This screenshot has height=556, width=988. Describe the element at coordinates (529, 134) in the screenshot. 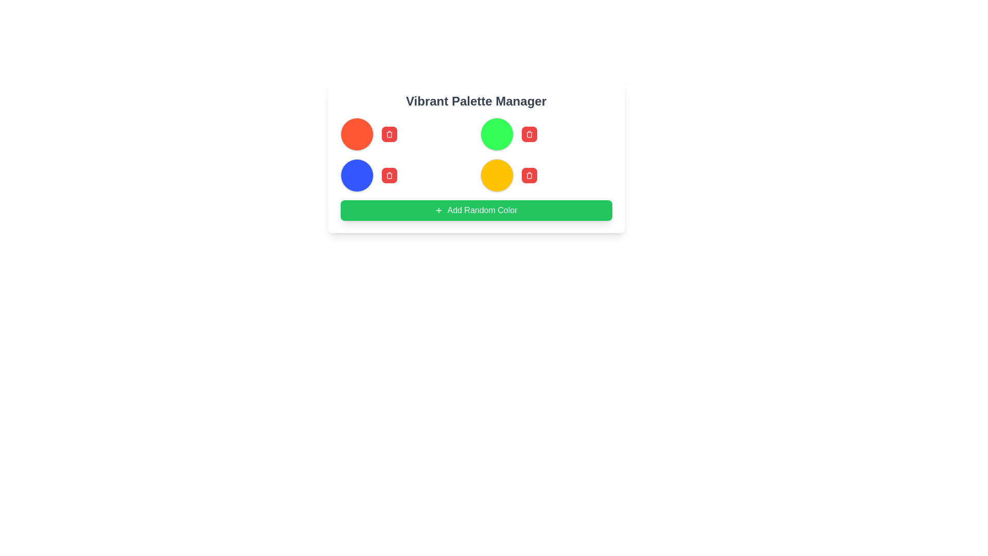

I see `the second trash button used to delete the associated green color item in the color palette manager` at that location.